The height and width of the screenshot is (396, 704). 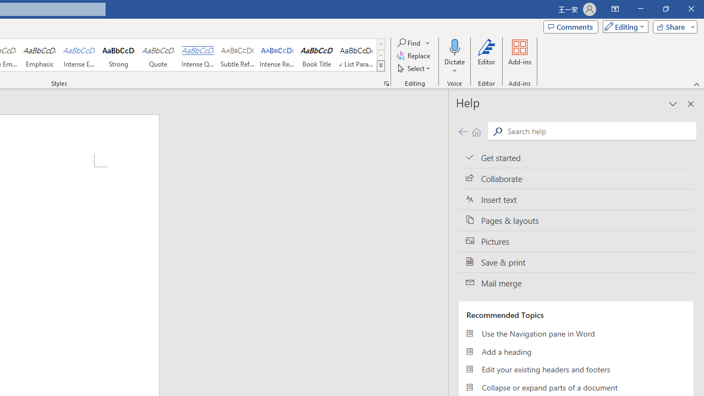 What do you see at coordinates (381, 55) in the screenshot?
I see `'Row Down'` at bounding box center [381, 55].